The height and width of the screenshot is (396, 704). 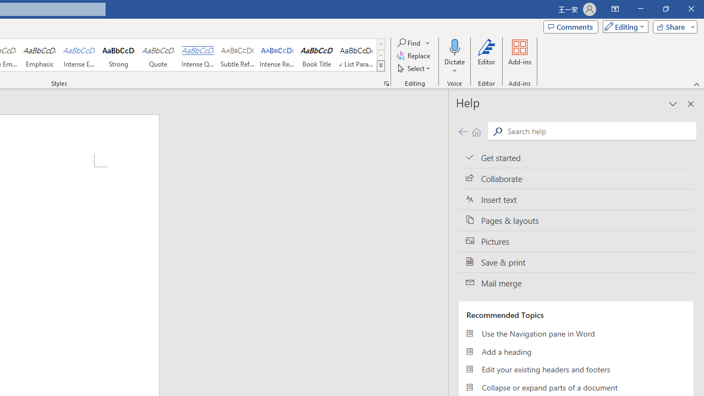 What do you see at coordinates (381, 55) in the screenshot?
I see `'Row Down'` at bounding box center [381, 55].